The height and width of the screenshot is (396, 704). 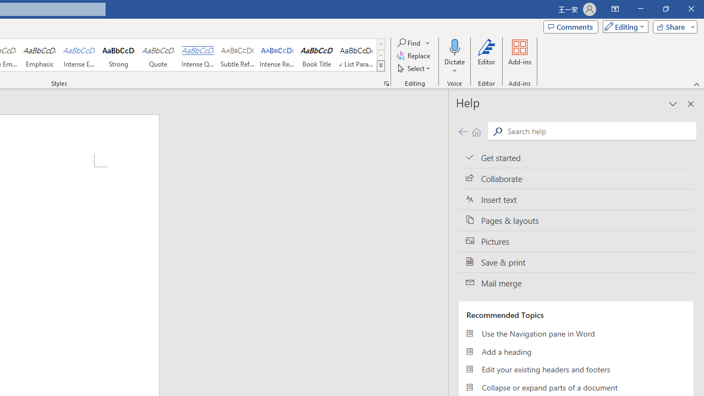 What do you see at coordinates (381, 55) in the screenshot?
I see `'Row Down'` at bounding box center [381, 55].